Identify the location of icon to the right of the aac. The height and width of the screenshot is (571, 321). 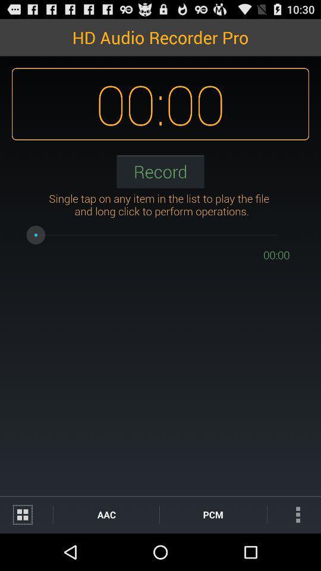
(212, 514).